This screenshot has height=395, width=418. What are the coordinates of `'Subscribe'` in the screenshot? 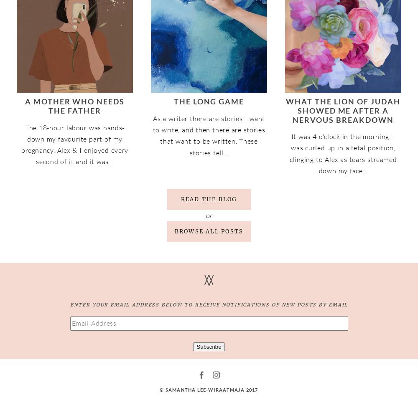 It's located at (208, 346).